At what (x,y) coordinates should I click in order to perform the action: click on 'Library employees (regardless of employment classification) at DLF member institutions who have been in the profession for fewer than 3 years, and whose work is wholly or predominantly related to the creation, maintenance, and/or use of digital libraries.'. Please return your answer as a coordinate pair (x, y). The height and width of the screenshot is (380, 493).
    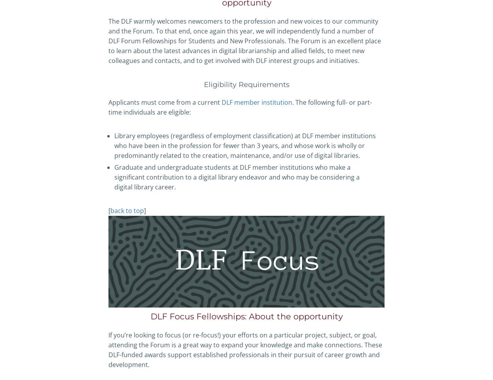
    Looking at the image, I should click on (114, 145).